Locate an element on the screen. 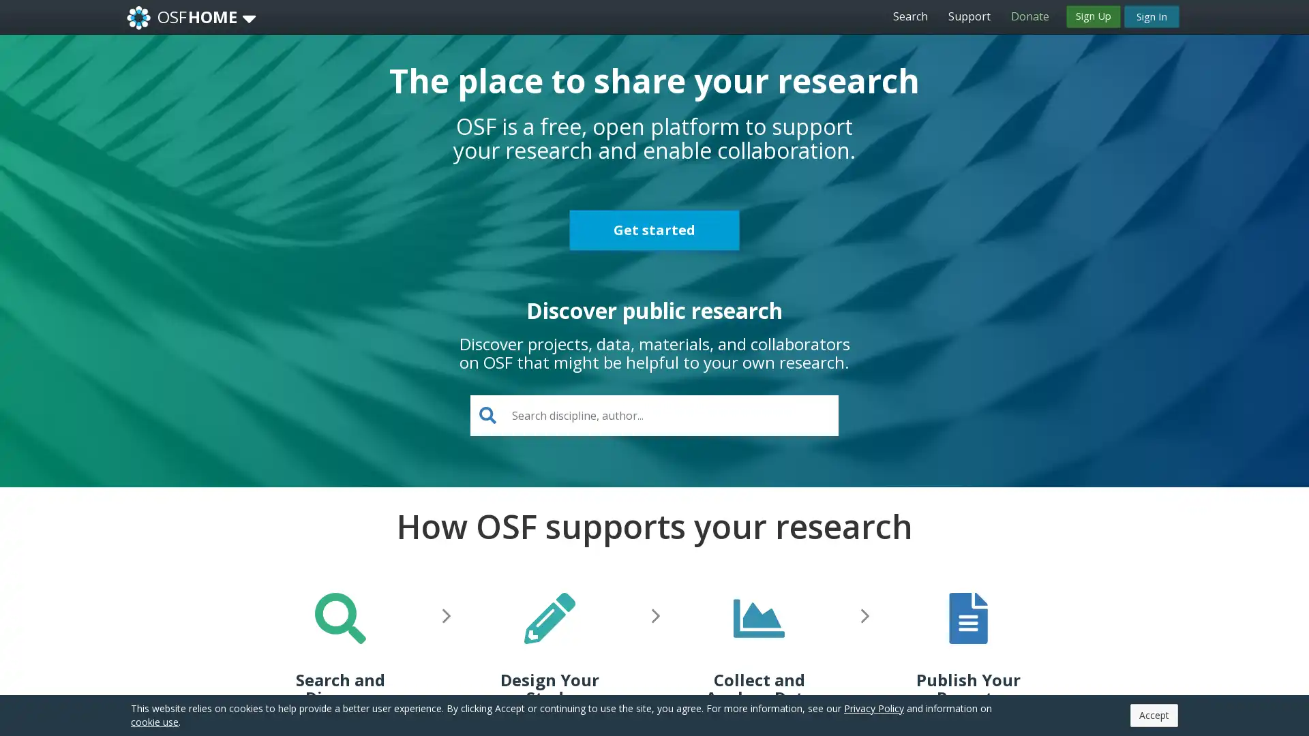 Image resolution: width=1309 pixels, height=736 pixels. Other OSF views is located at coordinates (249, 18).